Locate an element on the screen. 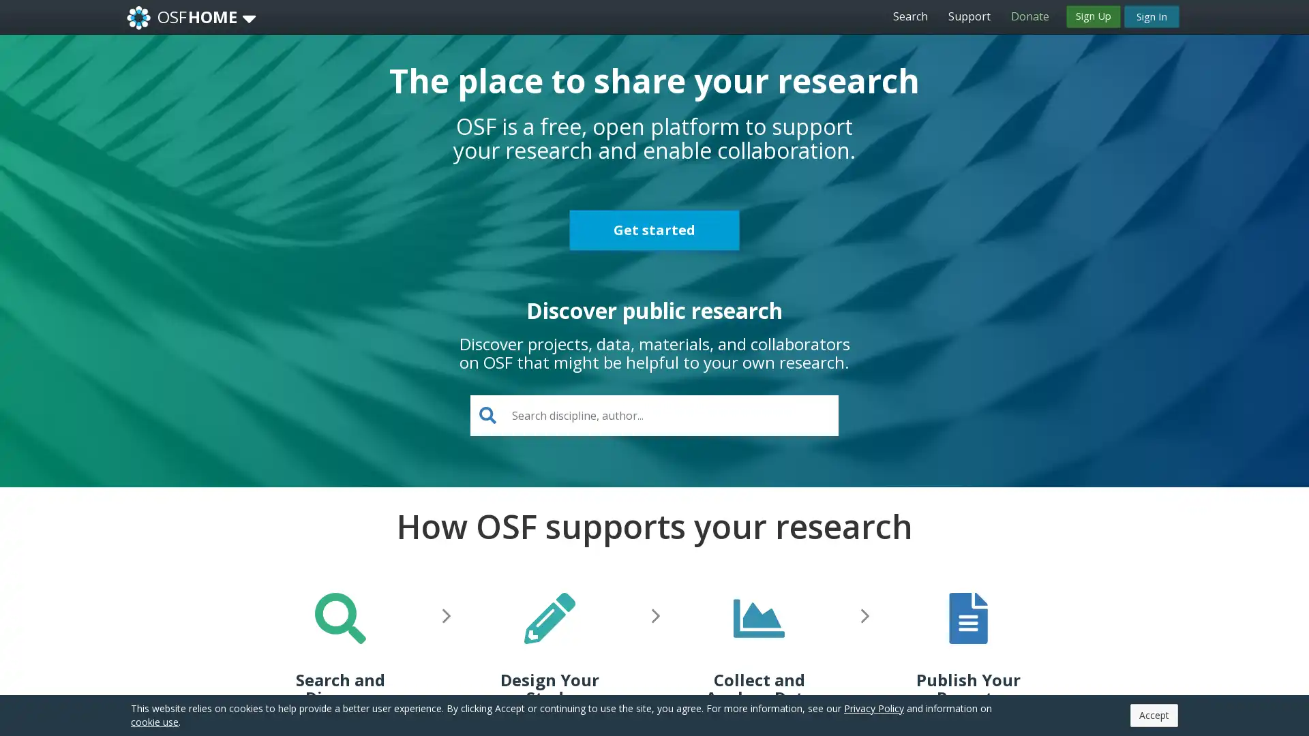 Image resolution: width=1309 pixels, height=736 pixels. Other OSF views is located at coordinates (249, 18).